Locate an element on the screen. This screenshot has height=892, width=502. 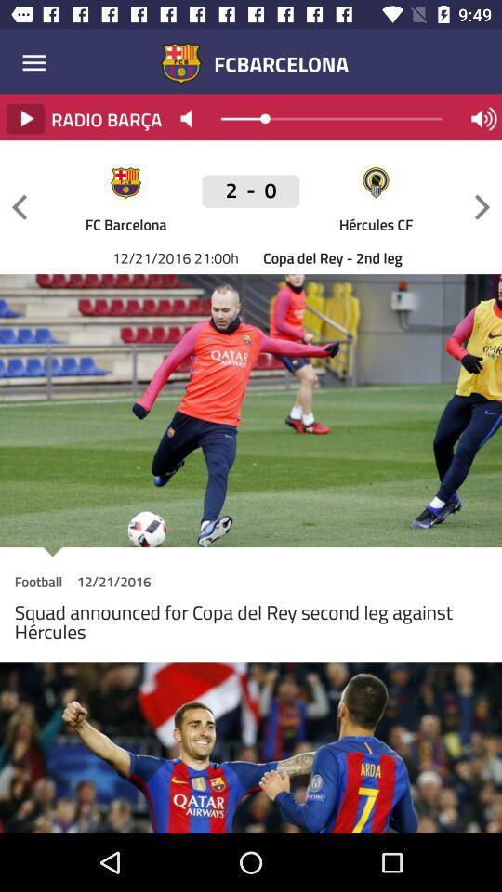
next is located at coordinates (482, 207).